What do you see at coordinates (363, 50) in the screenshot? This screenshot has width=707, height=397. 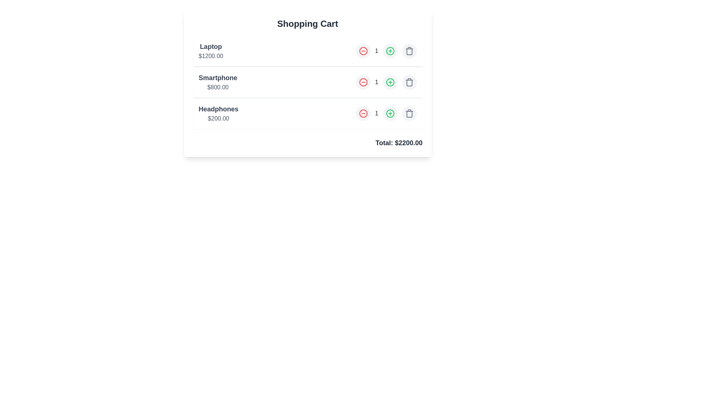 I see `the '-' button for the item Laptop to decrease its quantity` at bounding box center [363, 50].